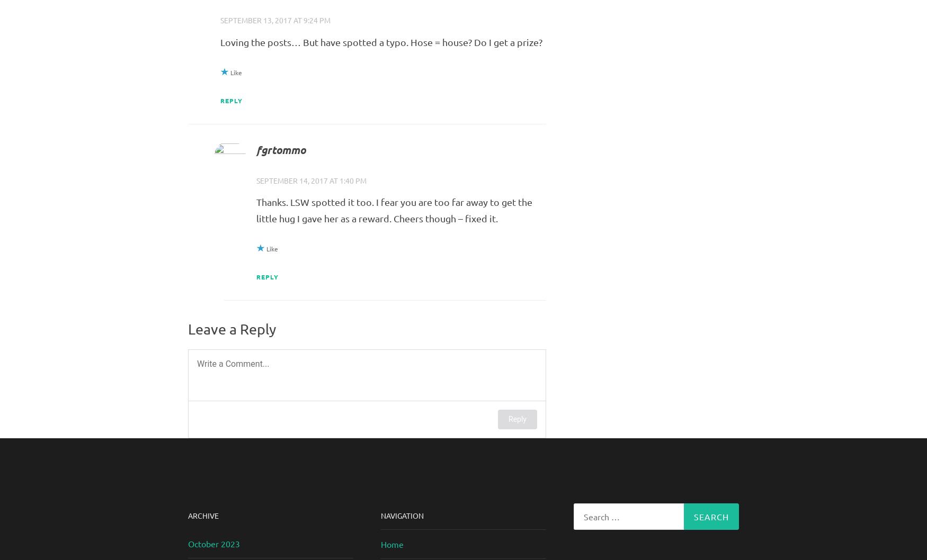 This screenshot has height=560, width=927. I want to click on 'October 2023', so click(188, 543).